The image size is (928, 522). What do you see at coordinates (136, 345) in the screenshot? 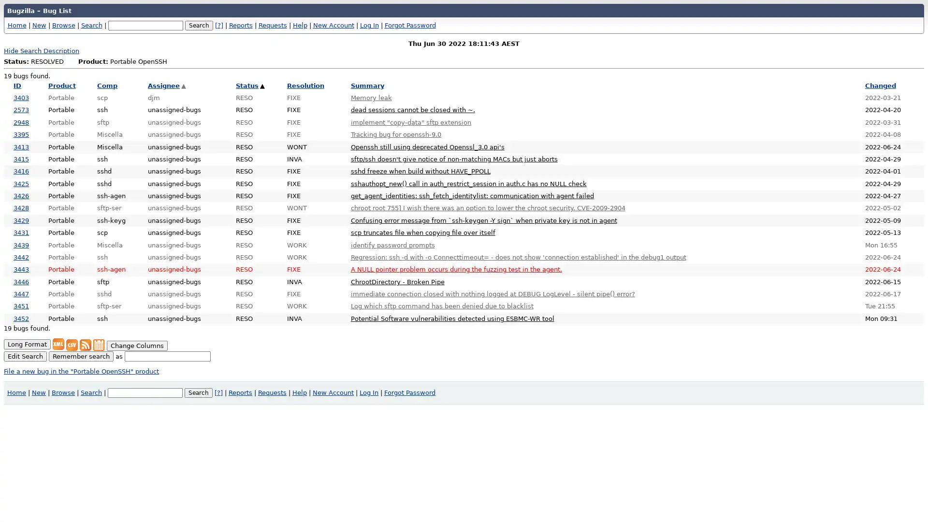
I see `Change Columns` at bounding box center [136, 345].